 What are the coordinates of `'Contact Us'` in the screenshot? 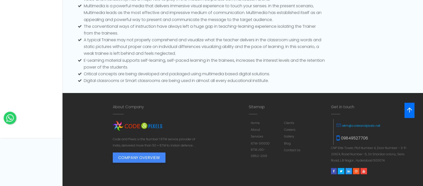 It's located at (284, 149).